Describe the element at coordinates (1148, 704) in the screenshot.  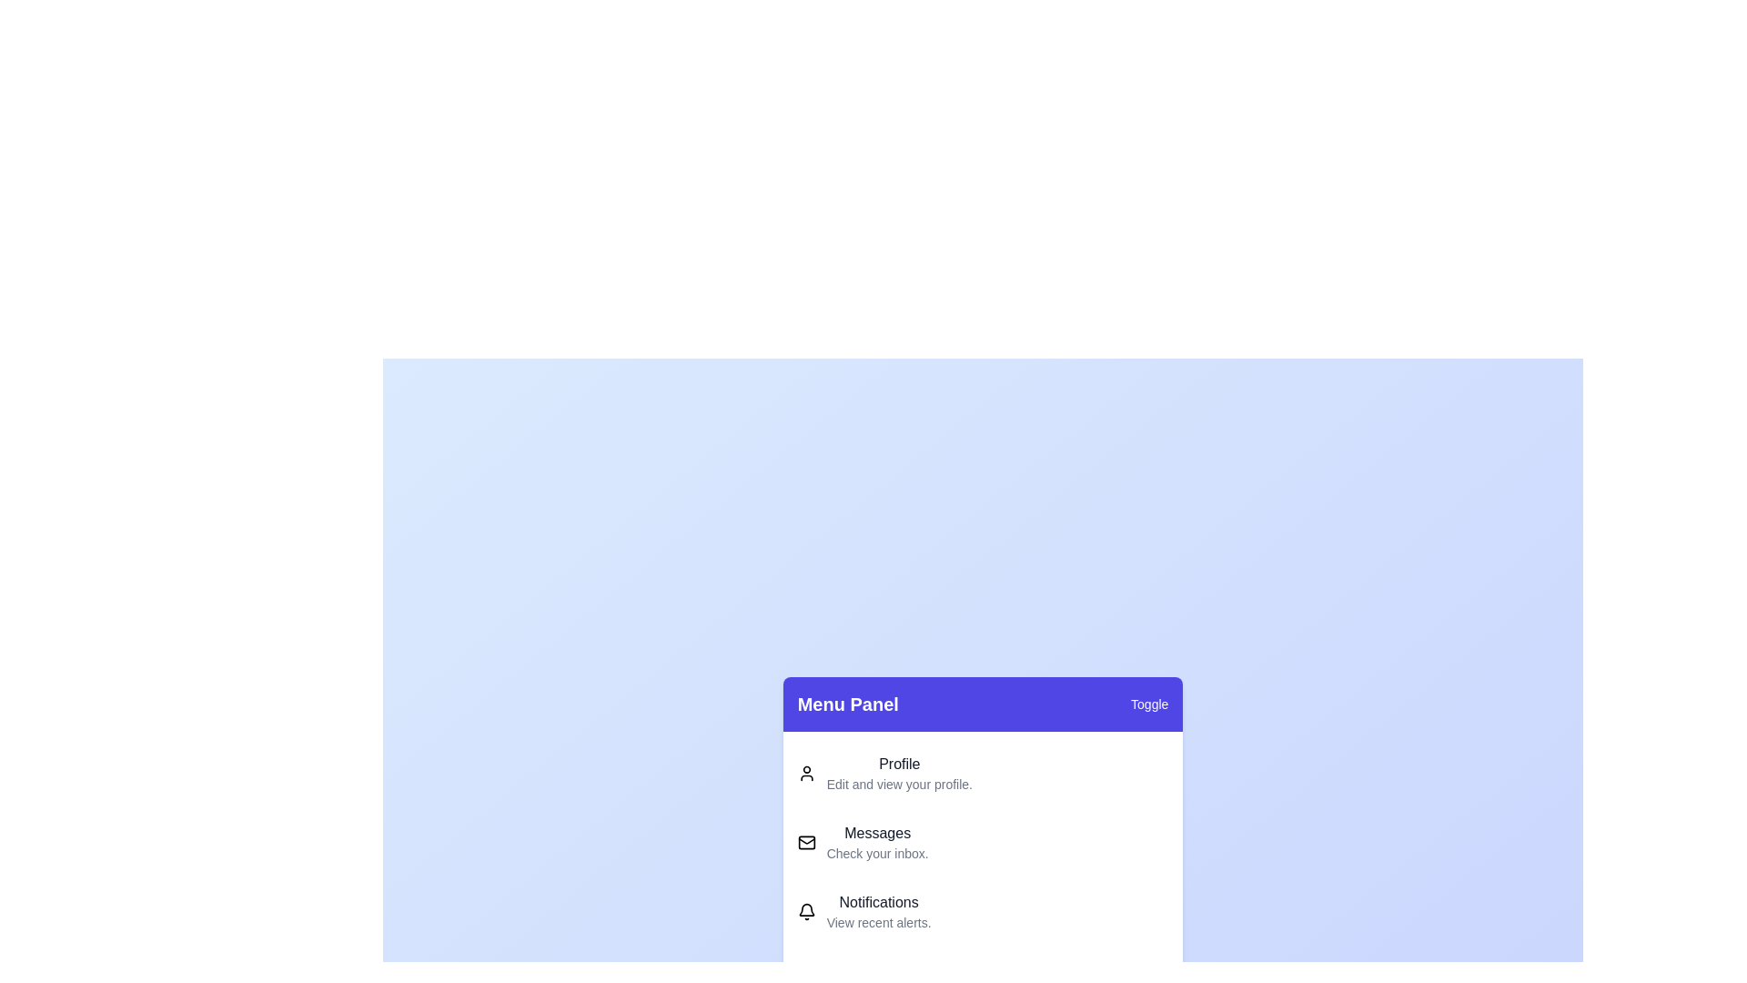
I see `'Toggle' button to change the menu visibility` at that location.